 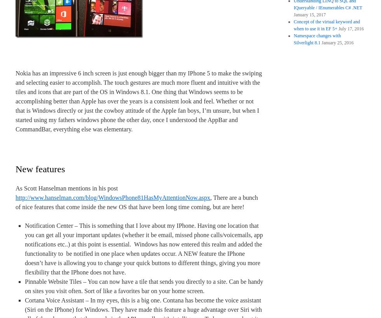 What do you see at coordinates (66, 188) in the screenshot?
I see `'As Scott Hanselman mentions in his post'` at bounding box center [66, 188].